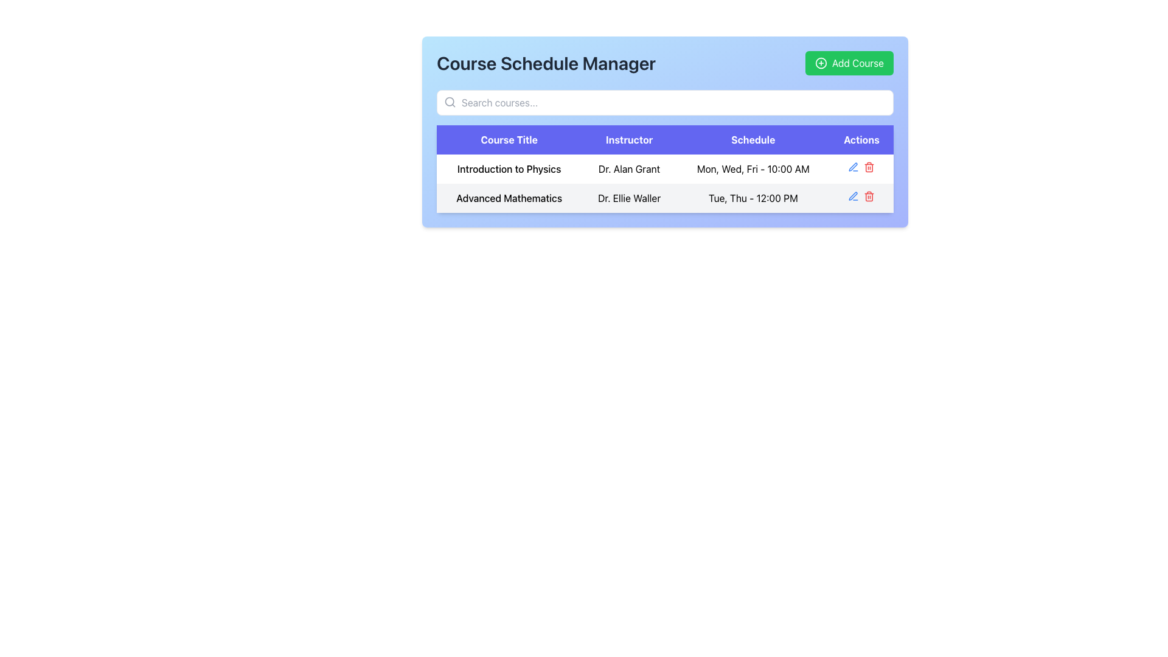 The image size is (1168, 657). What do you see at coordinates (509, 169) in the screenshot?
I see `text of the course title label located in the first column of the first row of the table under the header 'Course Title'` at bounding box center [509, 169].